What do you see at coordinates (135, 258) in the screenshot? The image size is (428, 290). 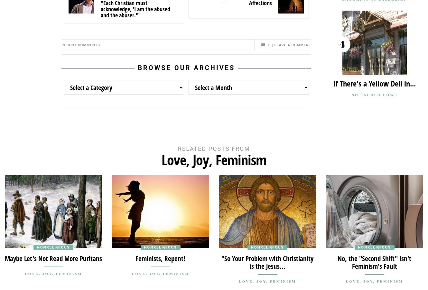 I see `'Feminists, Repent!'` at bounding box center [135, 258].